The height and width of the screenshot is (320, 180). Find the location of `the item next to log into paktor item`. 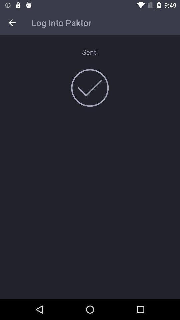

the item next to log into paktor item is located at coordinates (12, 23).